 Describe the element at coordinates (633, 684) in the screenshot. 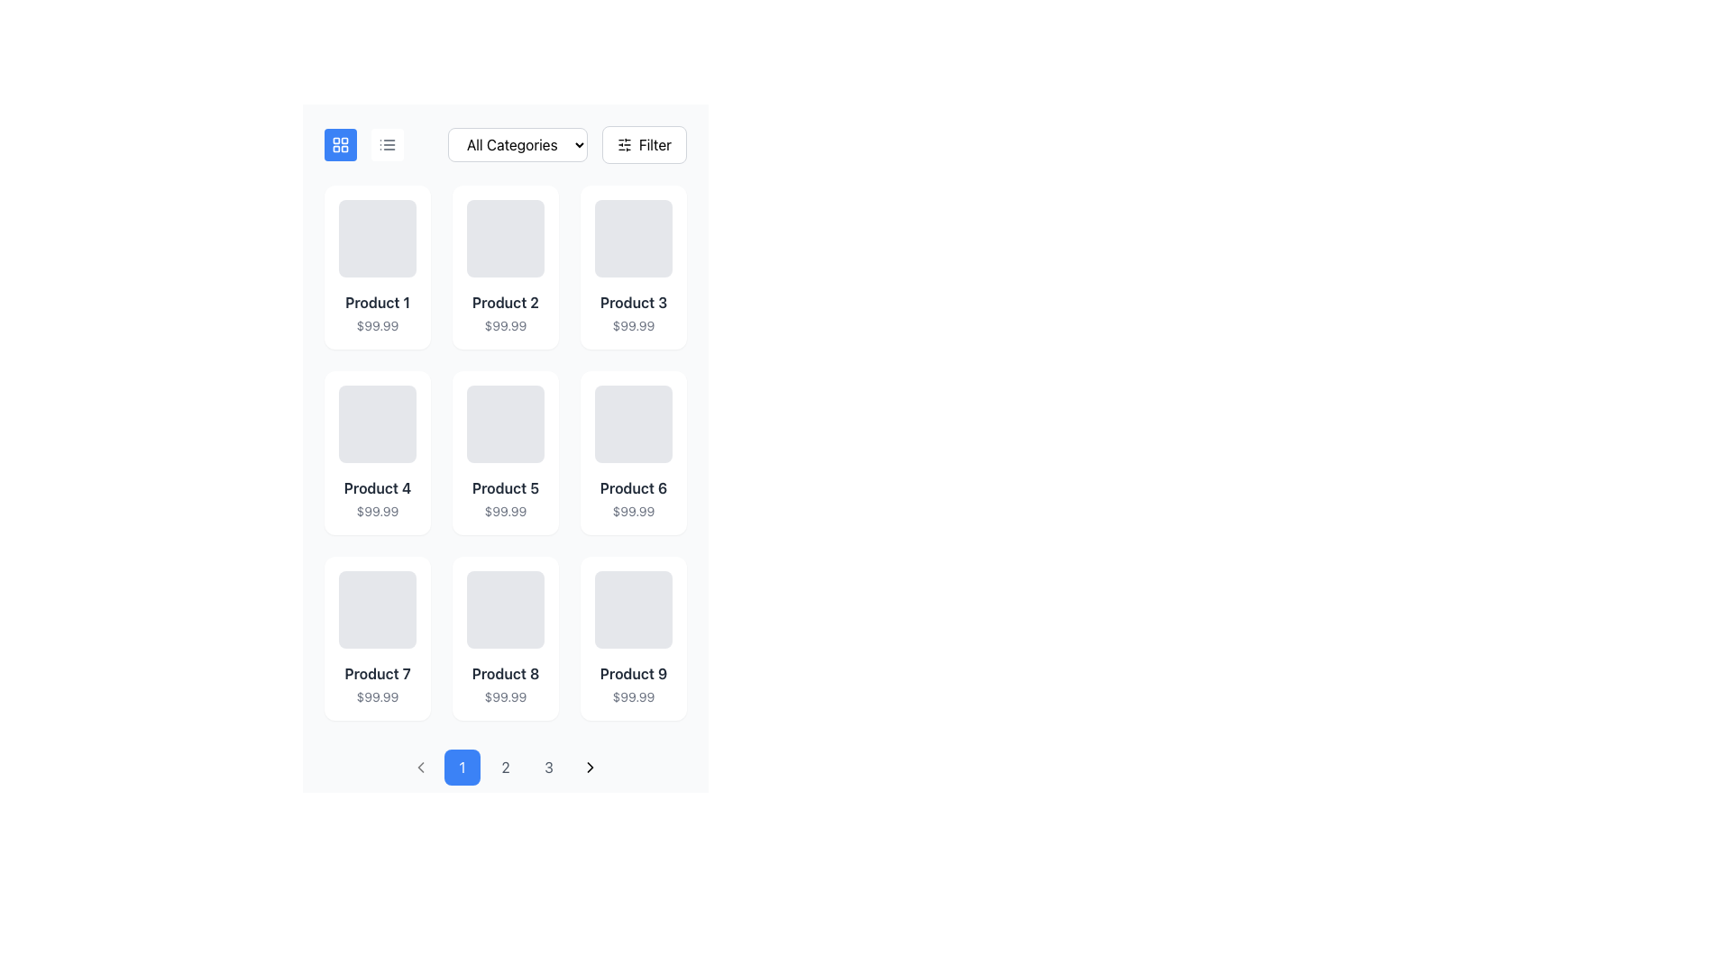

I see `text from the bottom-right cell of a 3x3 grid layout, which displays the product name 'Product 9' and the price '$99.99'` at that location.